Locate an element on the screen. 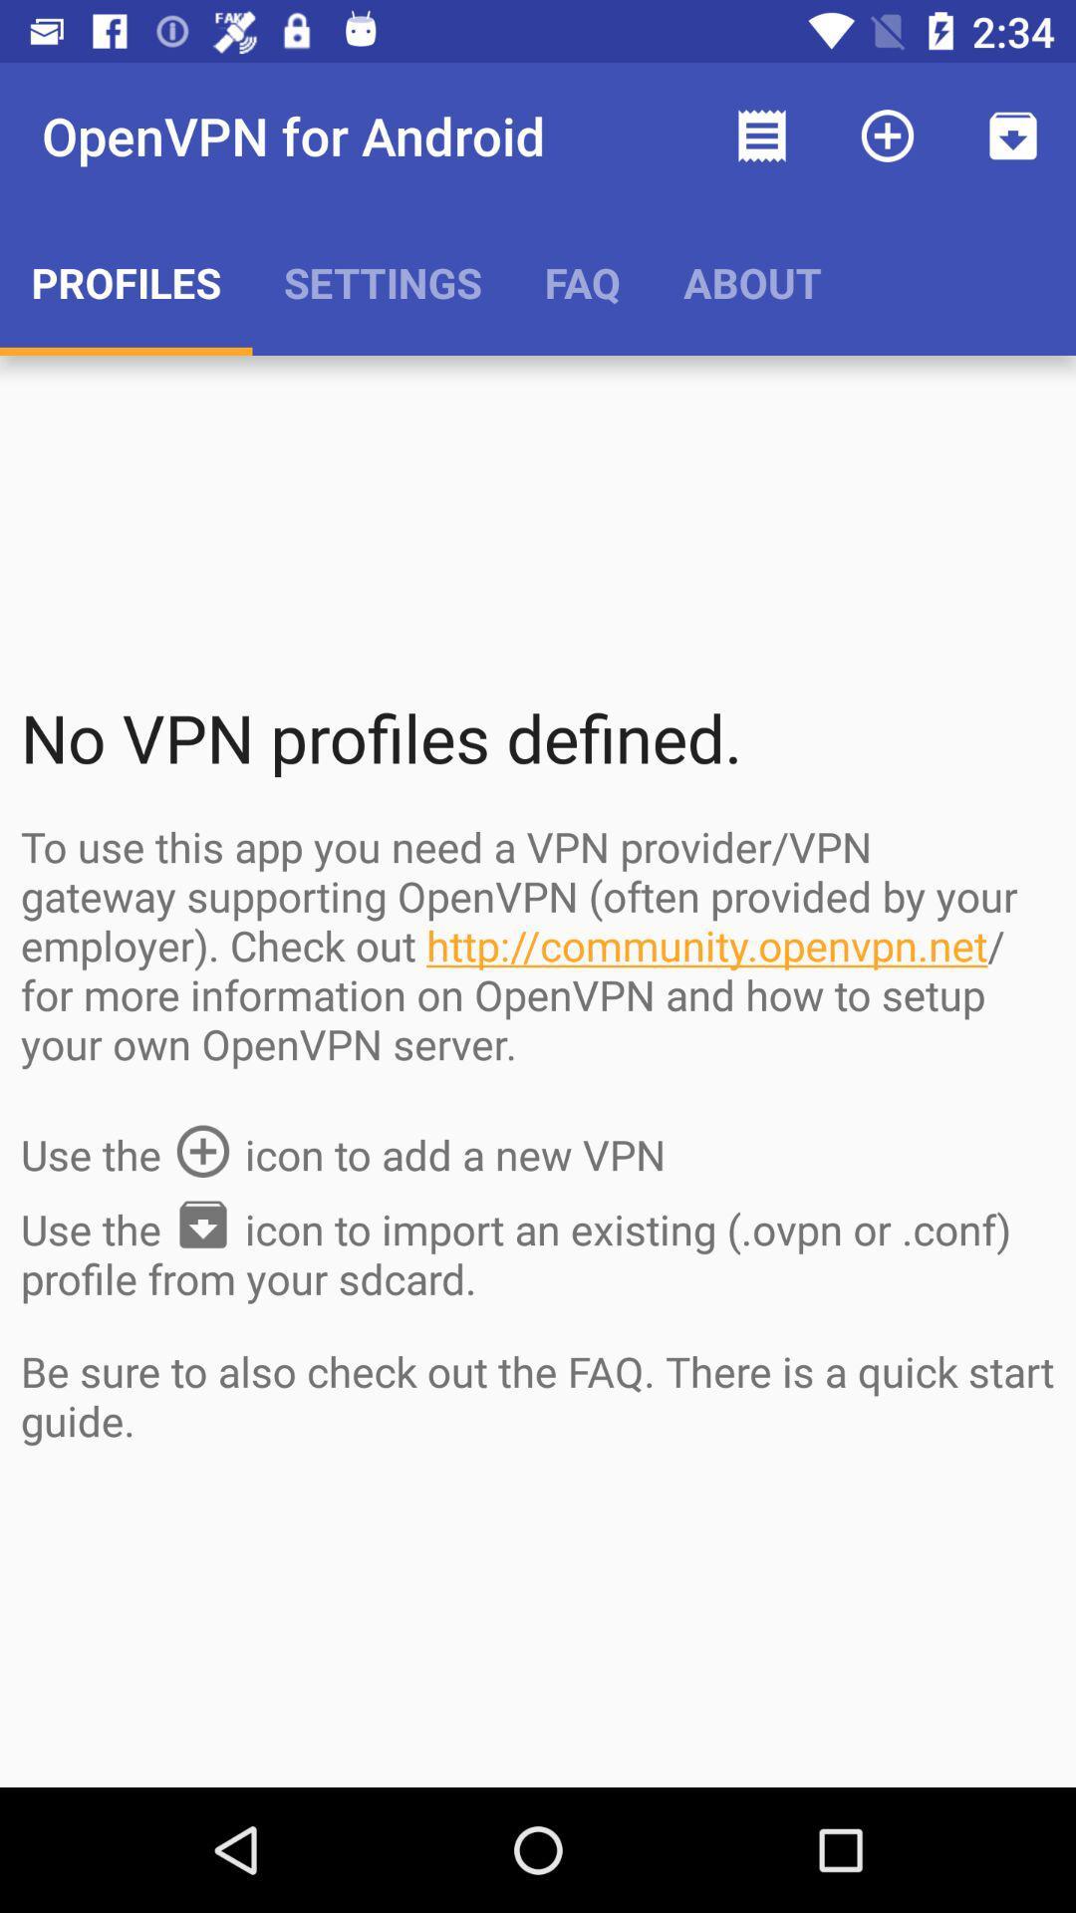 The image size is (1076, 1913). the faq option which is to the right side of settings is located at coordinates (583, 281).